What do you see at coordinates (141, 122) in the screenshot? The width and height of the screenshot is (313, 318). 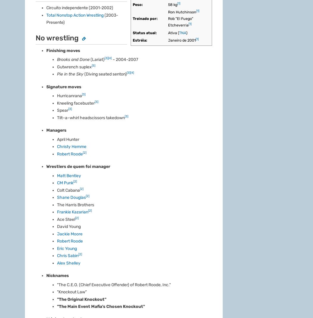 I see `'Termos de uso'` at bounding box center [141, 122].